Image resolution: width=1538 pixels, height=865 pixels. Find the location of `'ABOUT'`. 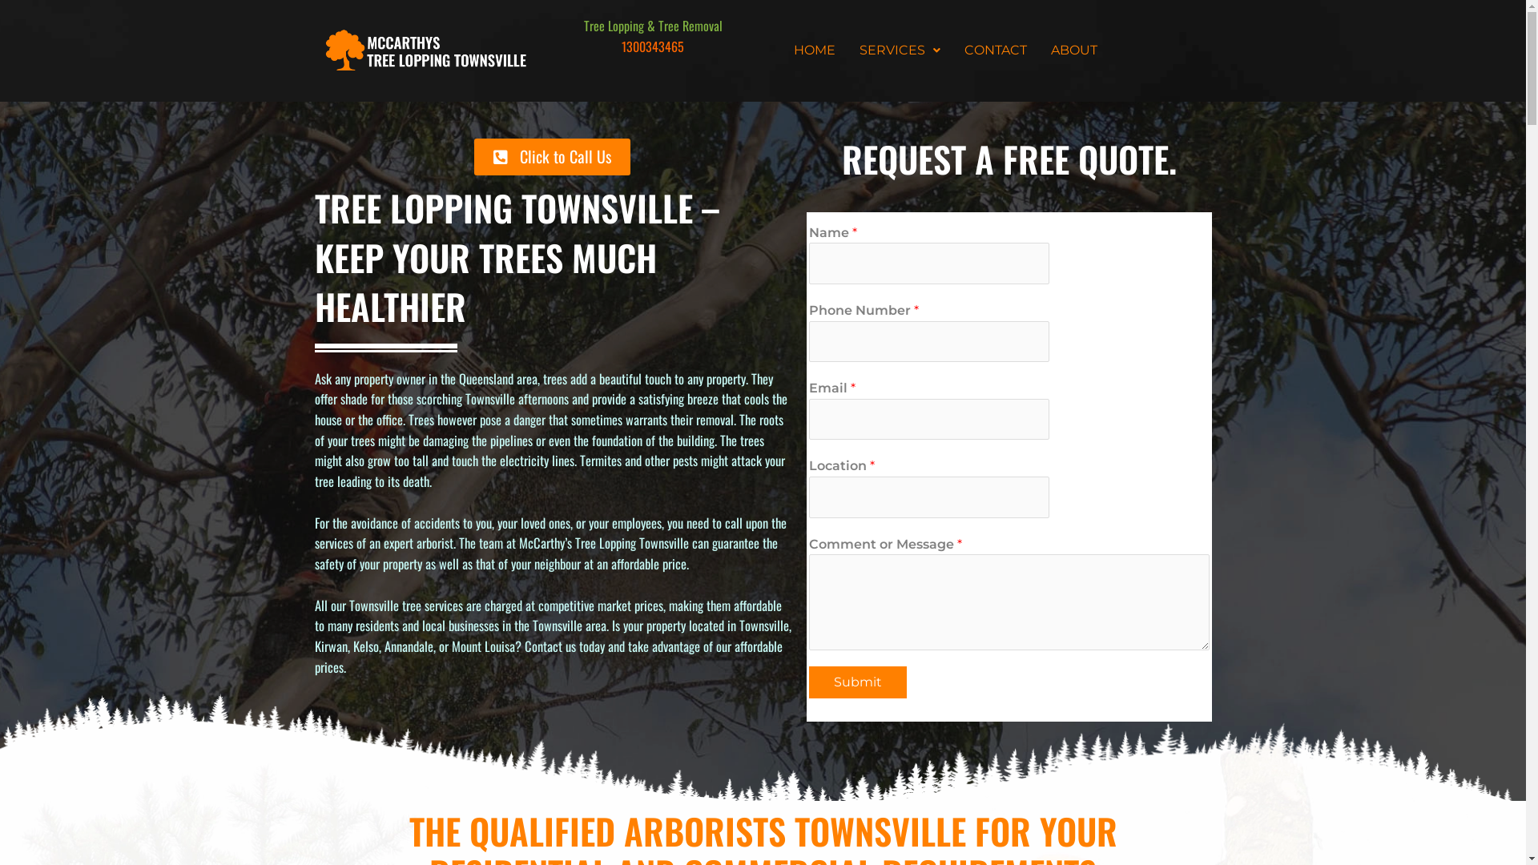

'ABOUT' is located at coordinates (1073, 49).